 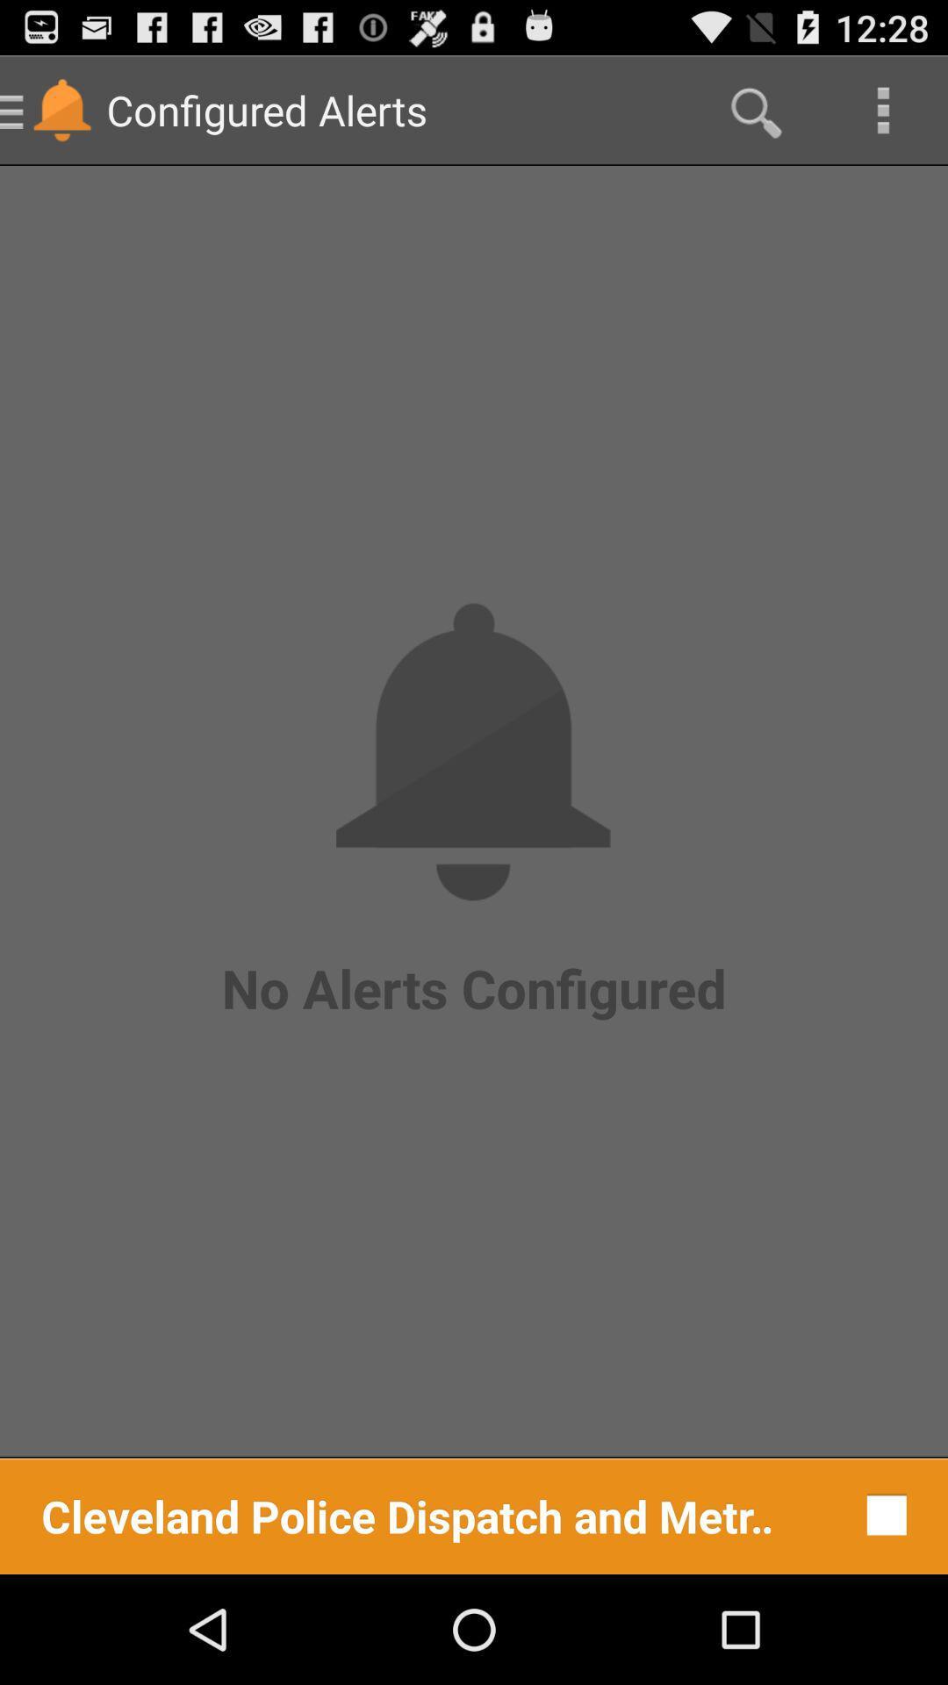 What do you see at coordinates (882, 1514) in the screenshot?
I see `icon next to cleveland police dispatch icon` at bounding box center [882, 1514].